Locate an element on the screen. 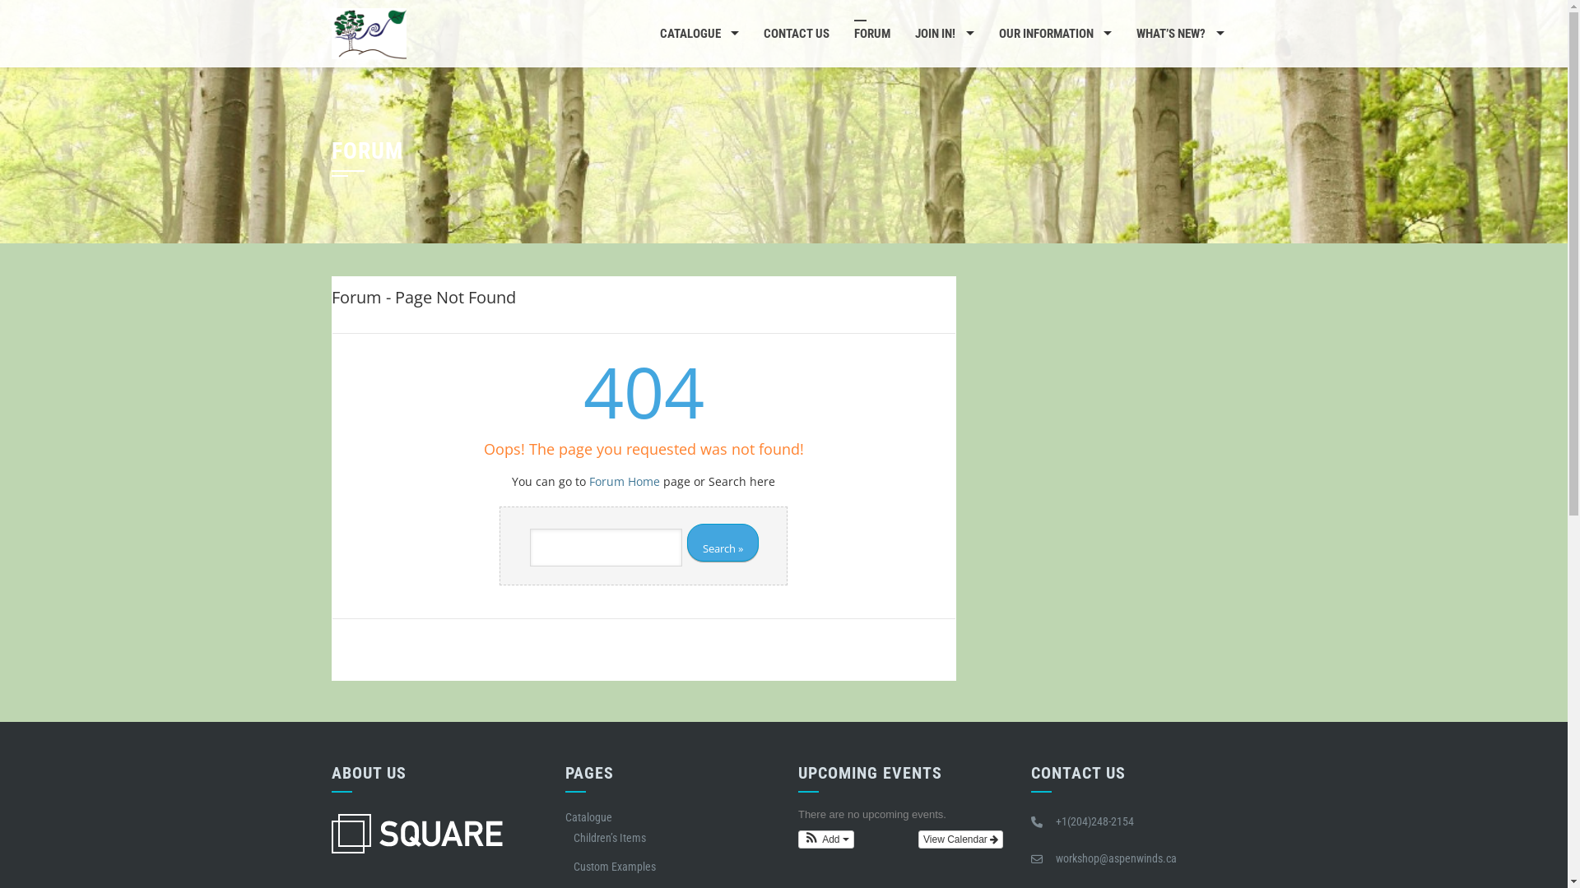 Image resolution: width=1580 pixels, height=888 pixels. 'CONTACT US' is located at coordinates (797, 34).